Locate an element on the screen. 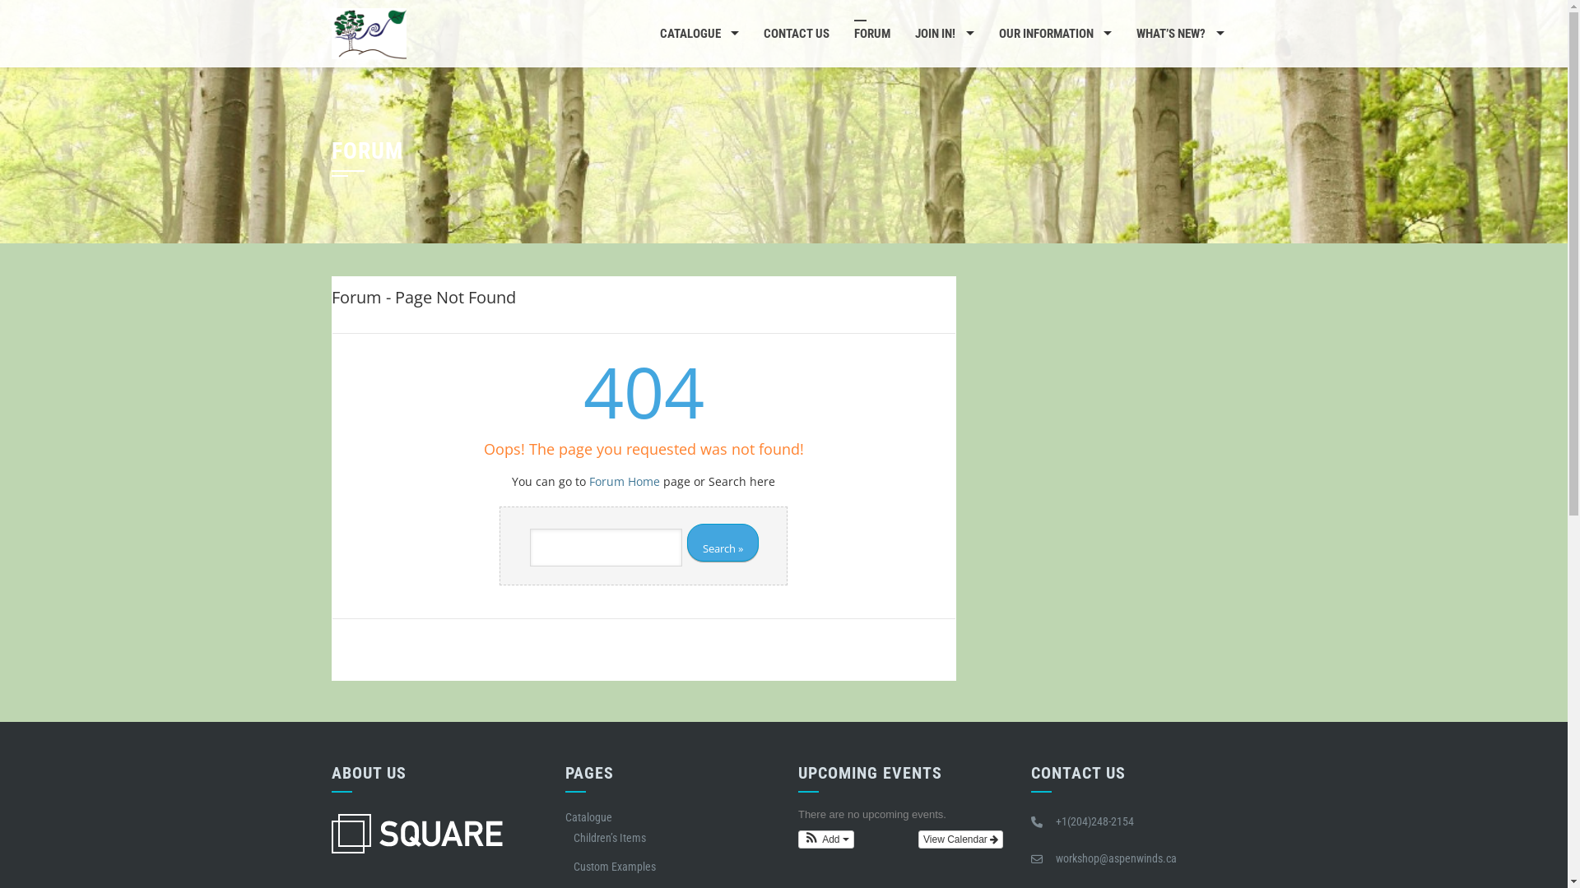 Image resolution: width=1580 pixels, height=888 pixels. 'CONTACT US' is located at coordinates (797, 34).